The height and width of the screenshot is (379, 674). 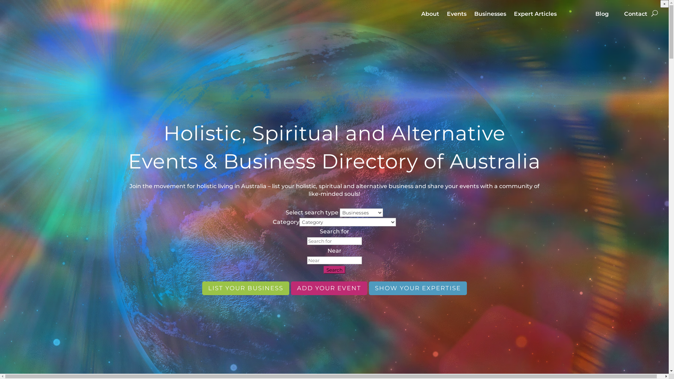 What do you see at coordinates (456, 19) in the screenshot?
I see `'Events'` at bounding box center [456, 19].